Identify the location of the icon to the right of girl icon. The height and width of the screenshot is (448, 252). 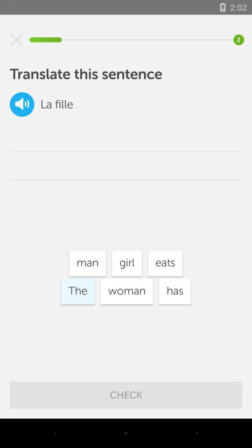
(165, 263).